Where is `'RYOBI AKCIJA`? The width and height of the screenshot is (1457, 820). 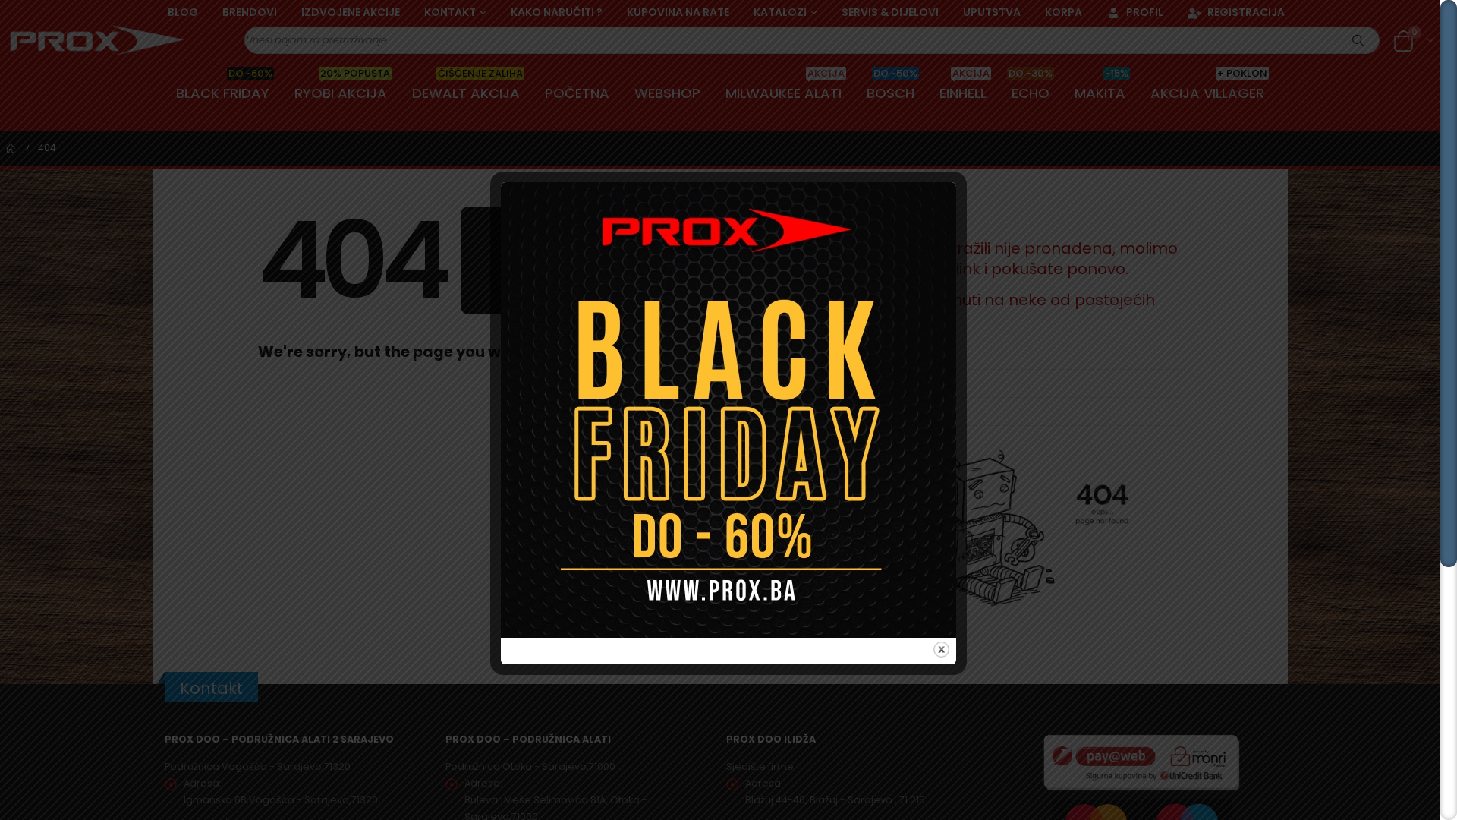 'RYOBI AKCIJA is located at coordinates (340, 93).